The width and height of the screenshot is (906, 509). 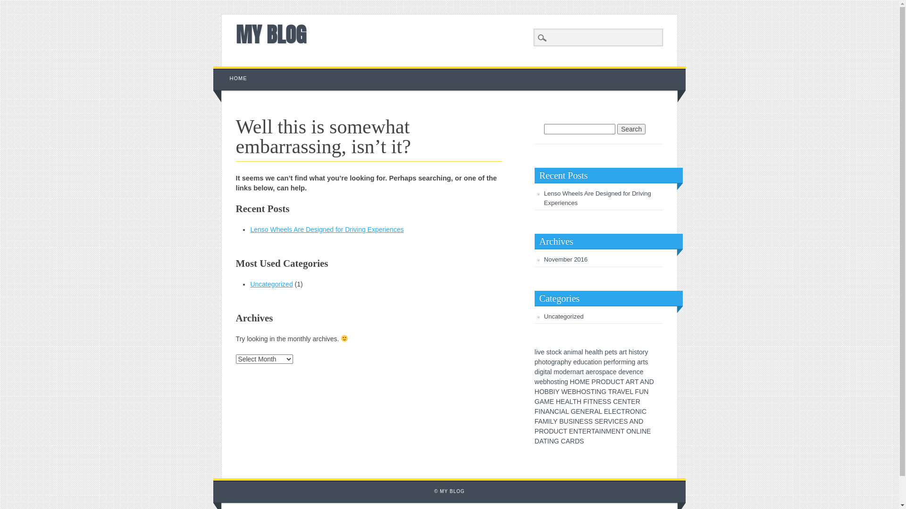 I want to click on 'v', so click(x=627, y=371).